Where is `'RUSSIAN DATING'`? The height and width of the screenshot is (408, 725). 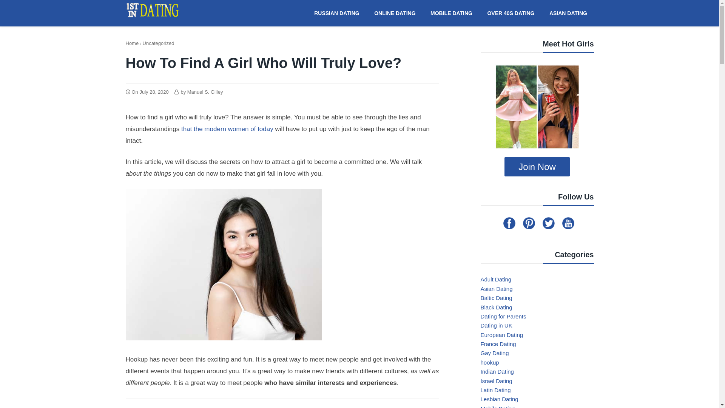
'RUSSIAN DATING' is located at coordinates (336, 12).